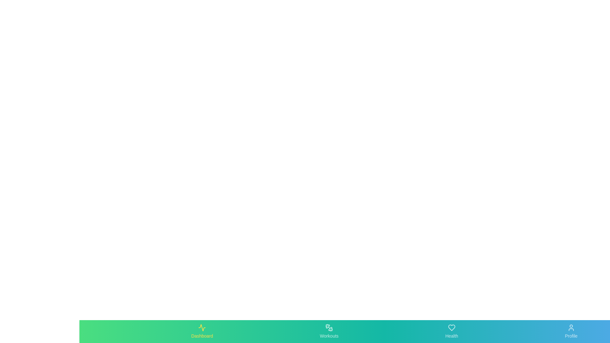 The width and height of the screenshot is (610, 343). I want to click on the Dashboard tab by clicking on its button, so click(201, 331).